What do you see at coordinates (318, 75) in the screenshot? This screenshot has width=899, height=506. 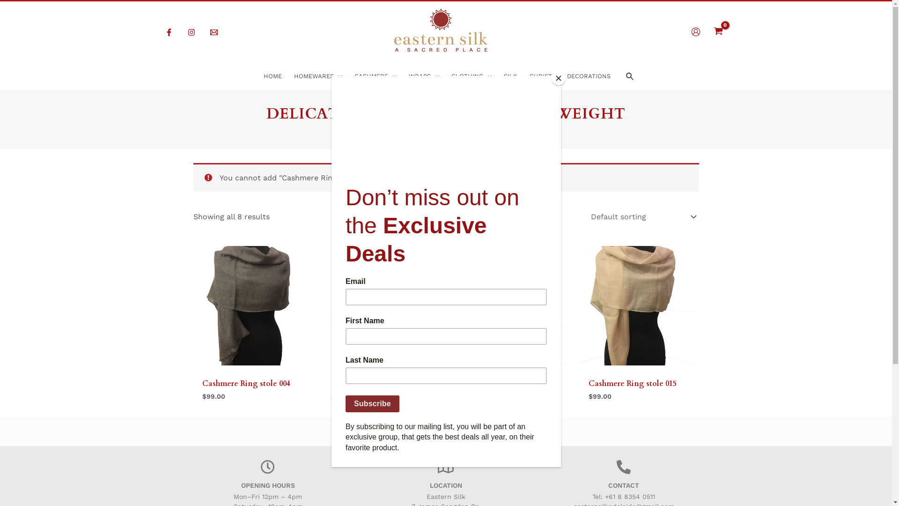 I see `'HOMEWARES'` at bounding box center [318, 75].